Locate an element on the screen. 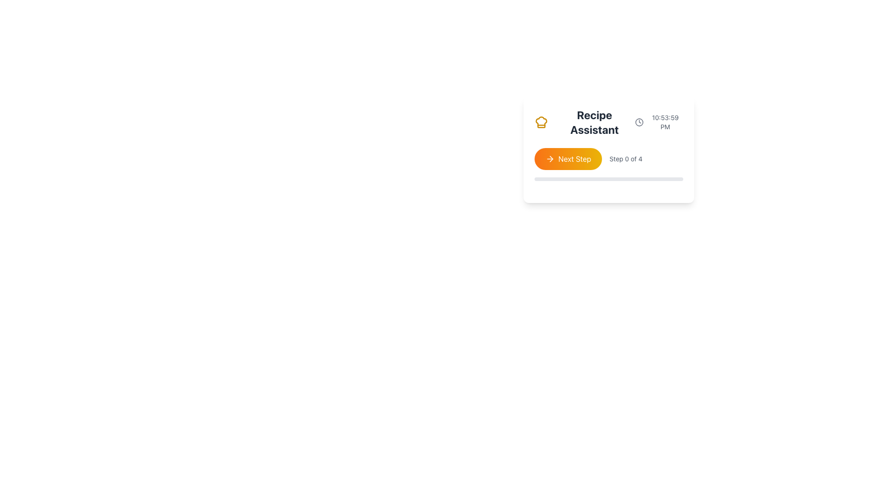 The height and width of the screenshot is (495, 881). the current time displayed in the top-right corner, adjacent to the 'Recipe Assistant' text and clock icon is located at coordinates (658, 121).